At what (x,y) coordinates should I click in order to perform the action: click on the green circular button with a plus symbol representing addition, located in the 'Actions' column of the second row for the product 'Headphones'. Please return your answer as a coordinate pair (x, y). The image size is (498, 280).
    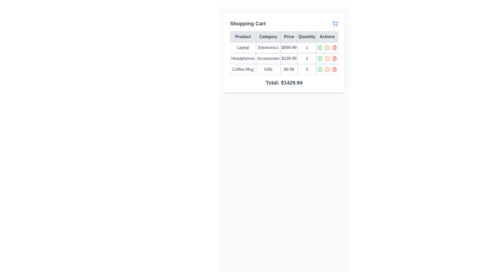
    Looking at the image, I should click on (320, 58).